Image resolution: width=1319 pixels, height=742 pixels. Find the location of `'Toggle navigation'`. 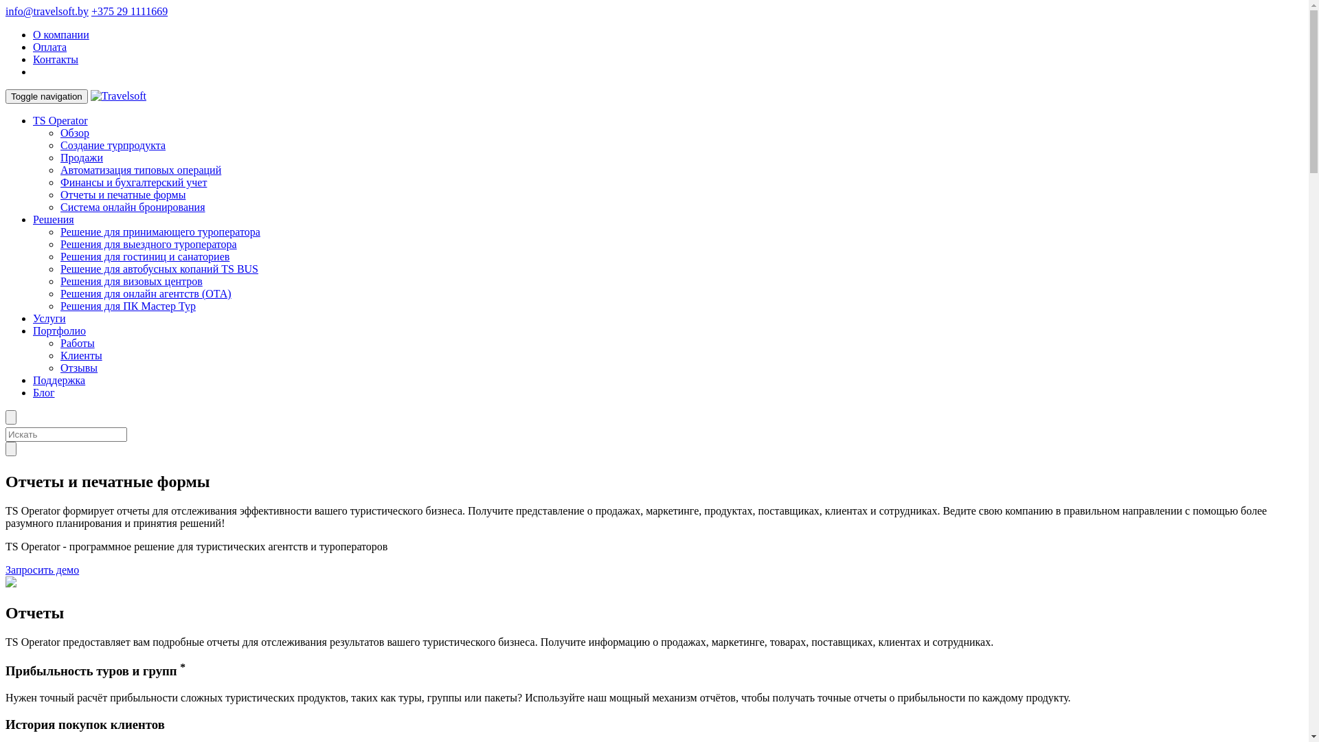

'Toggle navigation' is located at coordinates (46, 95).